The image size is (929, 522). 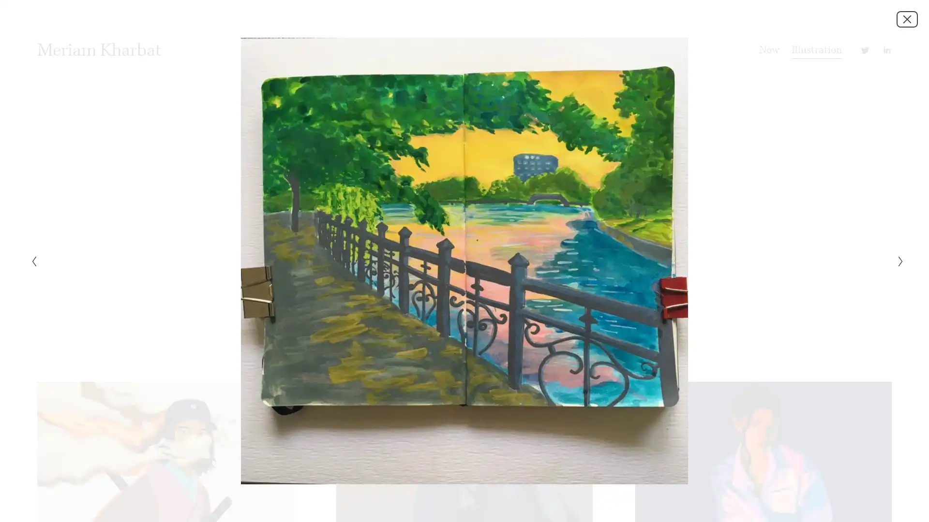 What do you see at coordinates (897, 261) in the screenshot?
I see `Next Slide` at bounding box center [897, 261].